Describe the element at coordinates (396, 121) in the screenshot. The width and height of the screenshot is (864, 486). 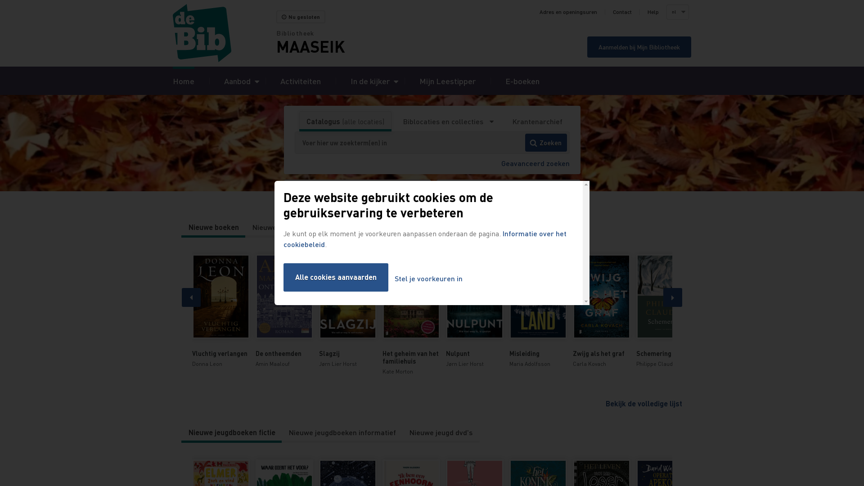
I see `'Biblocaties en collecties'` at that location.